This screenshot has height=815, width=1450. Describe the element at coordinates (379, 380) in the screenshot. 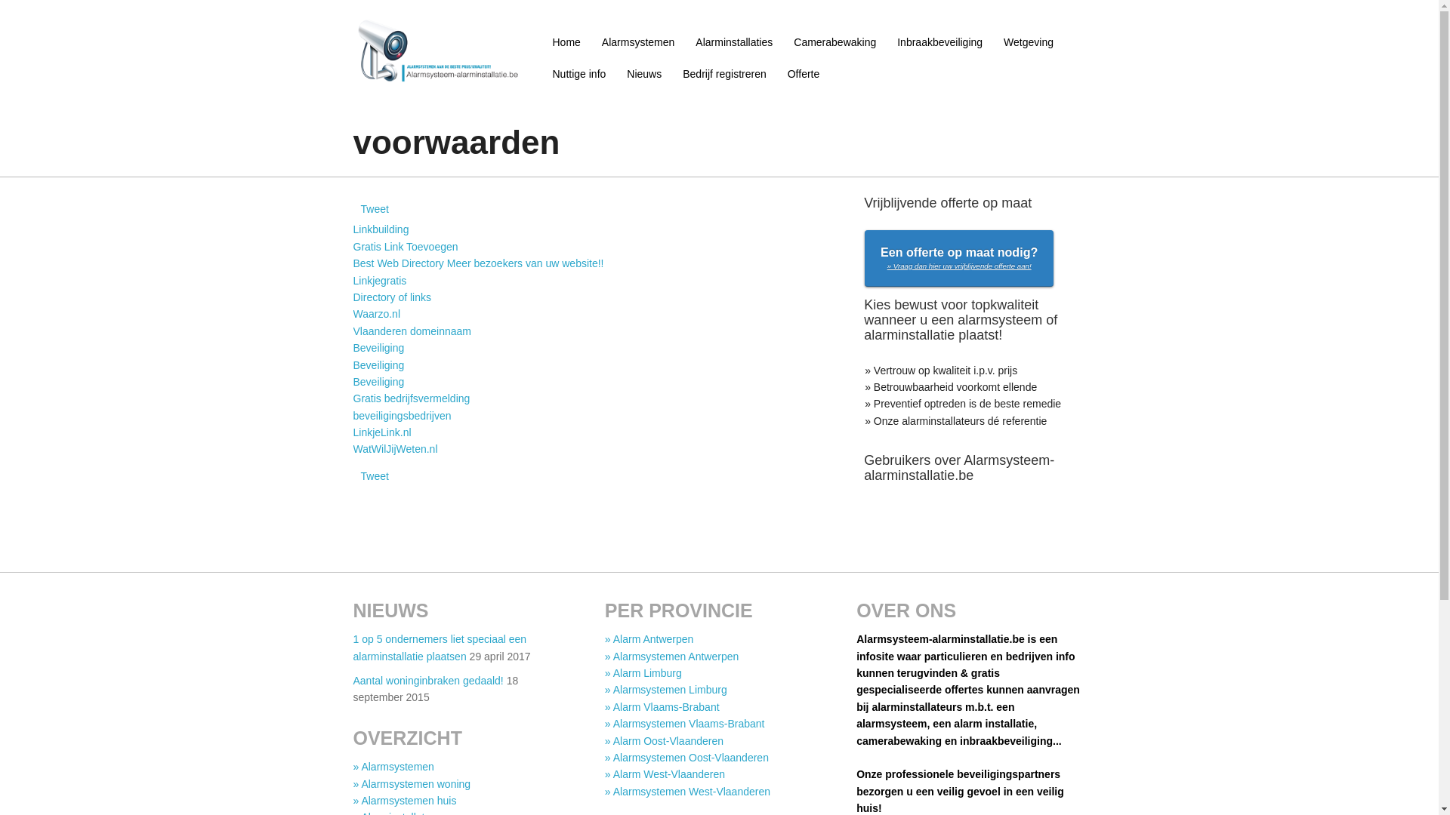

I see `'Beveiliging'` at that location.